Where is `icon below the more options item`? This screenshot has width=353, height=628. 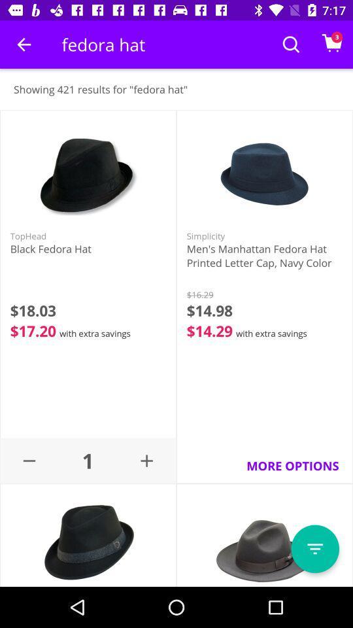
icon below the more options item is located at coordinates (314, 549).